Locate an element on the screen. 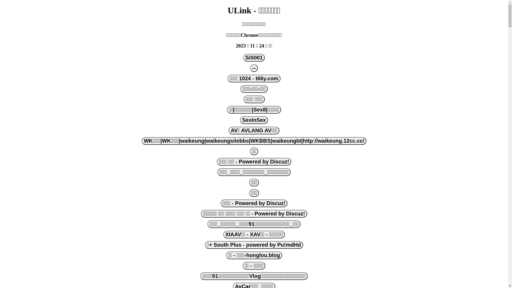 This screenshot has height=288, width=512. 'SiS001' is located at coordinates (254, 58).